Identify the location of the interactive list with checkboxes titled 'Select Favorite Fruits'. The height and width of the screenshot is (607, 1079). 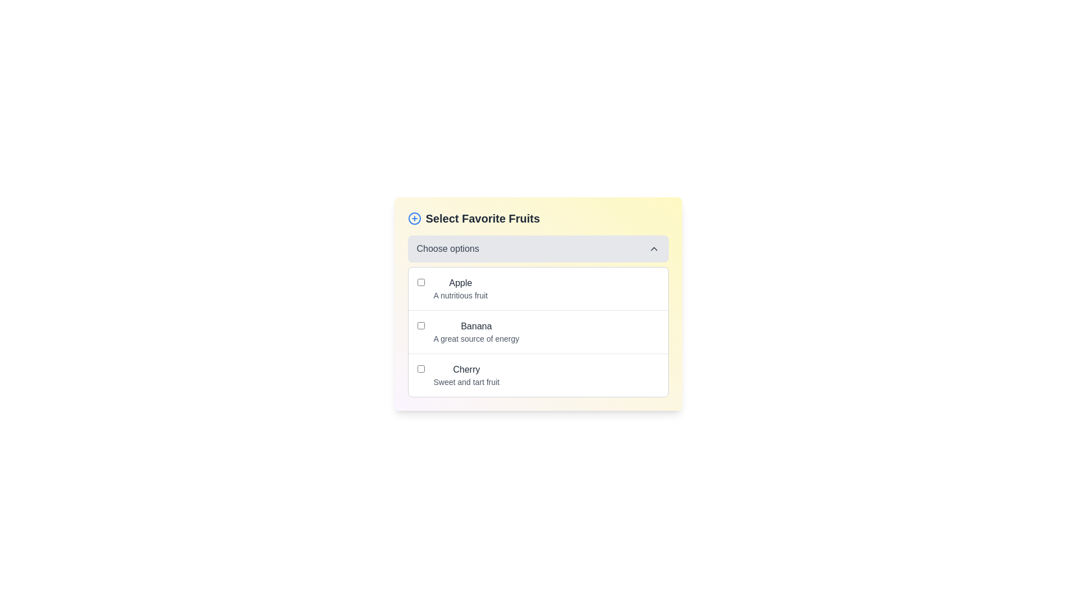
(537, 303).